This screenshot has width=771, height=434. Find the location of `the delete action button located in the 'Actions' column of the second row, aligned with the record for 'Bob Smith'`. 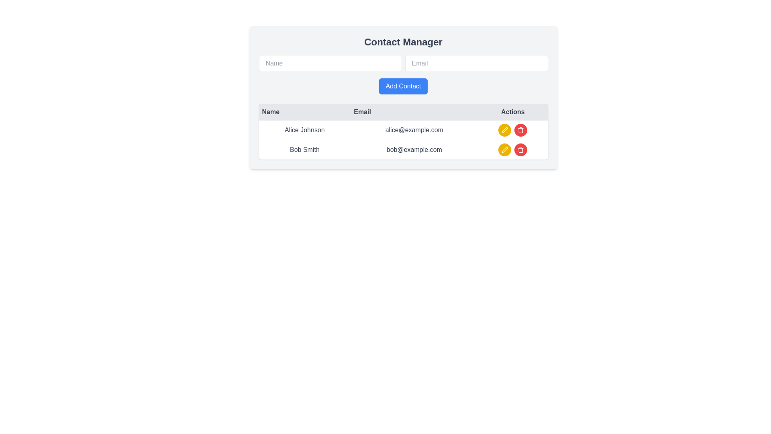

the delete action button located in the 'Actions' column of the second row, aligned with the record for 'Bob Smith' is located at coordinates (521, 150).